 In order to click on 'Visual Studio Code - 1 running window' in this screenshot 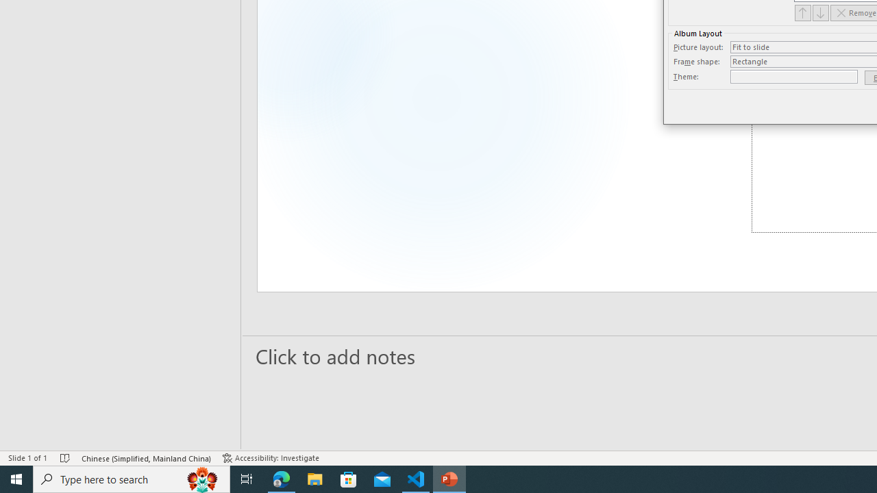, I will do `click(415, 478)`.